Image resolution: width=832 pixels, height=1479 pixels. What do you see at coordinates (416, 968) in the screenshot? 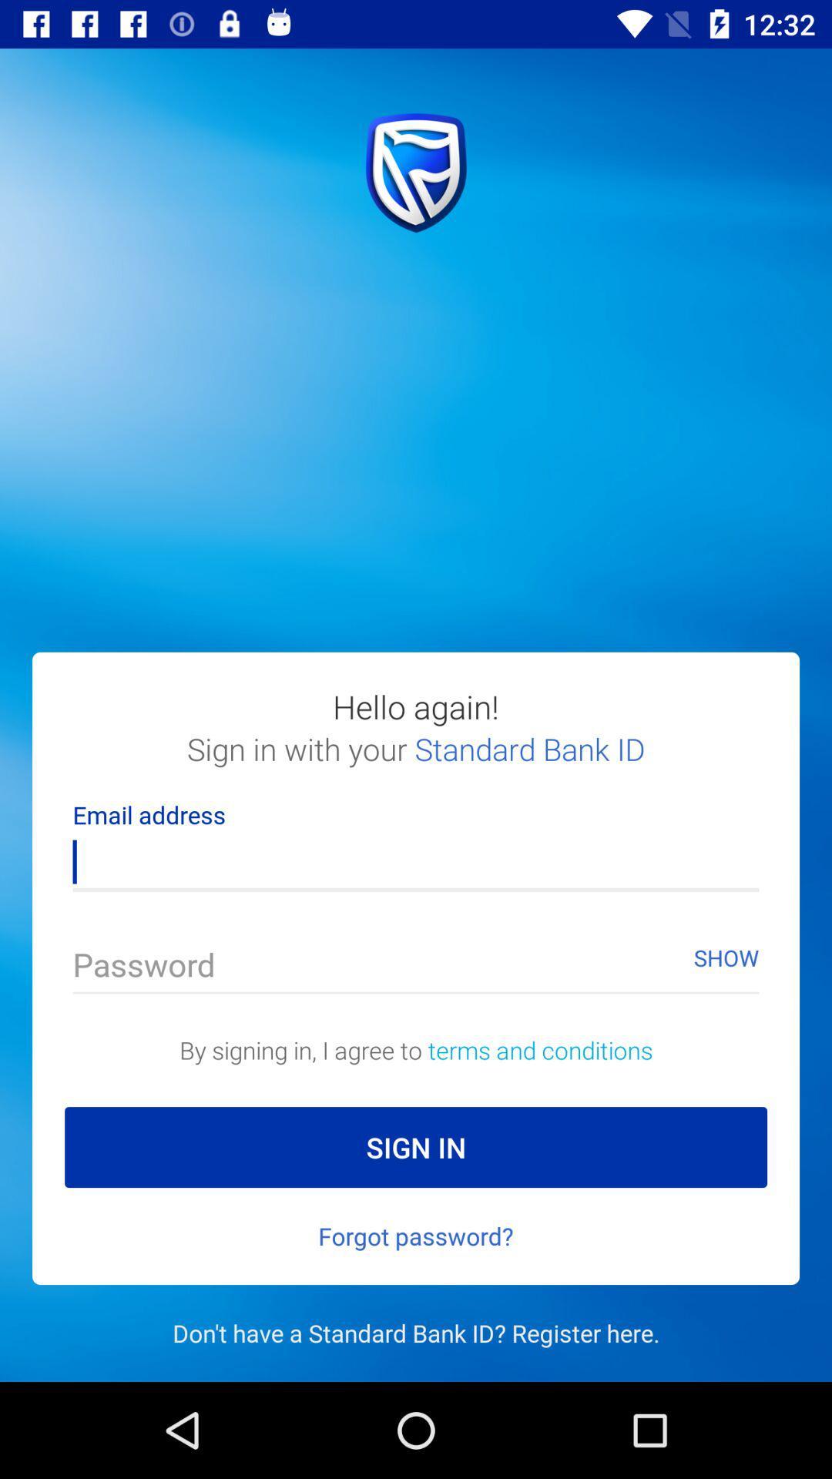
I see `text` at bounding box center [416, 968].